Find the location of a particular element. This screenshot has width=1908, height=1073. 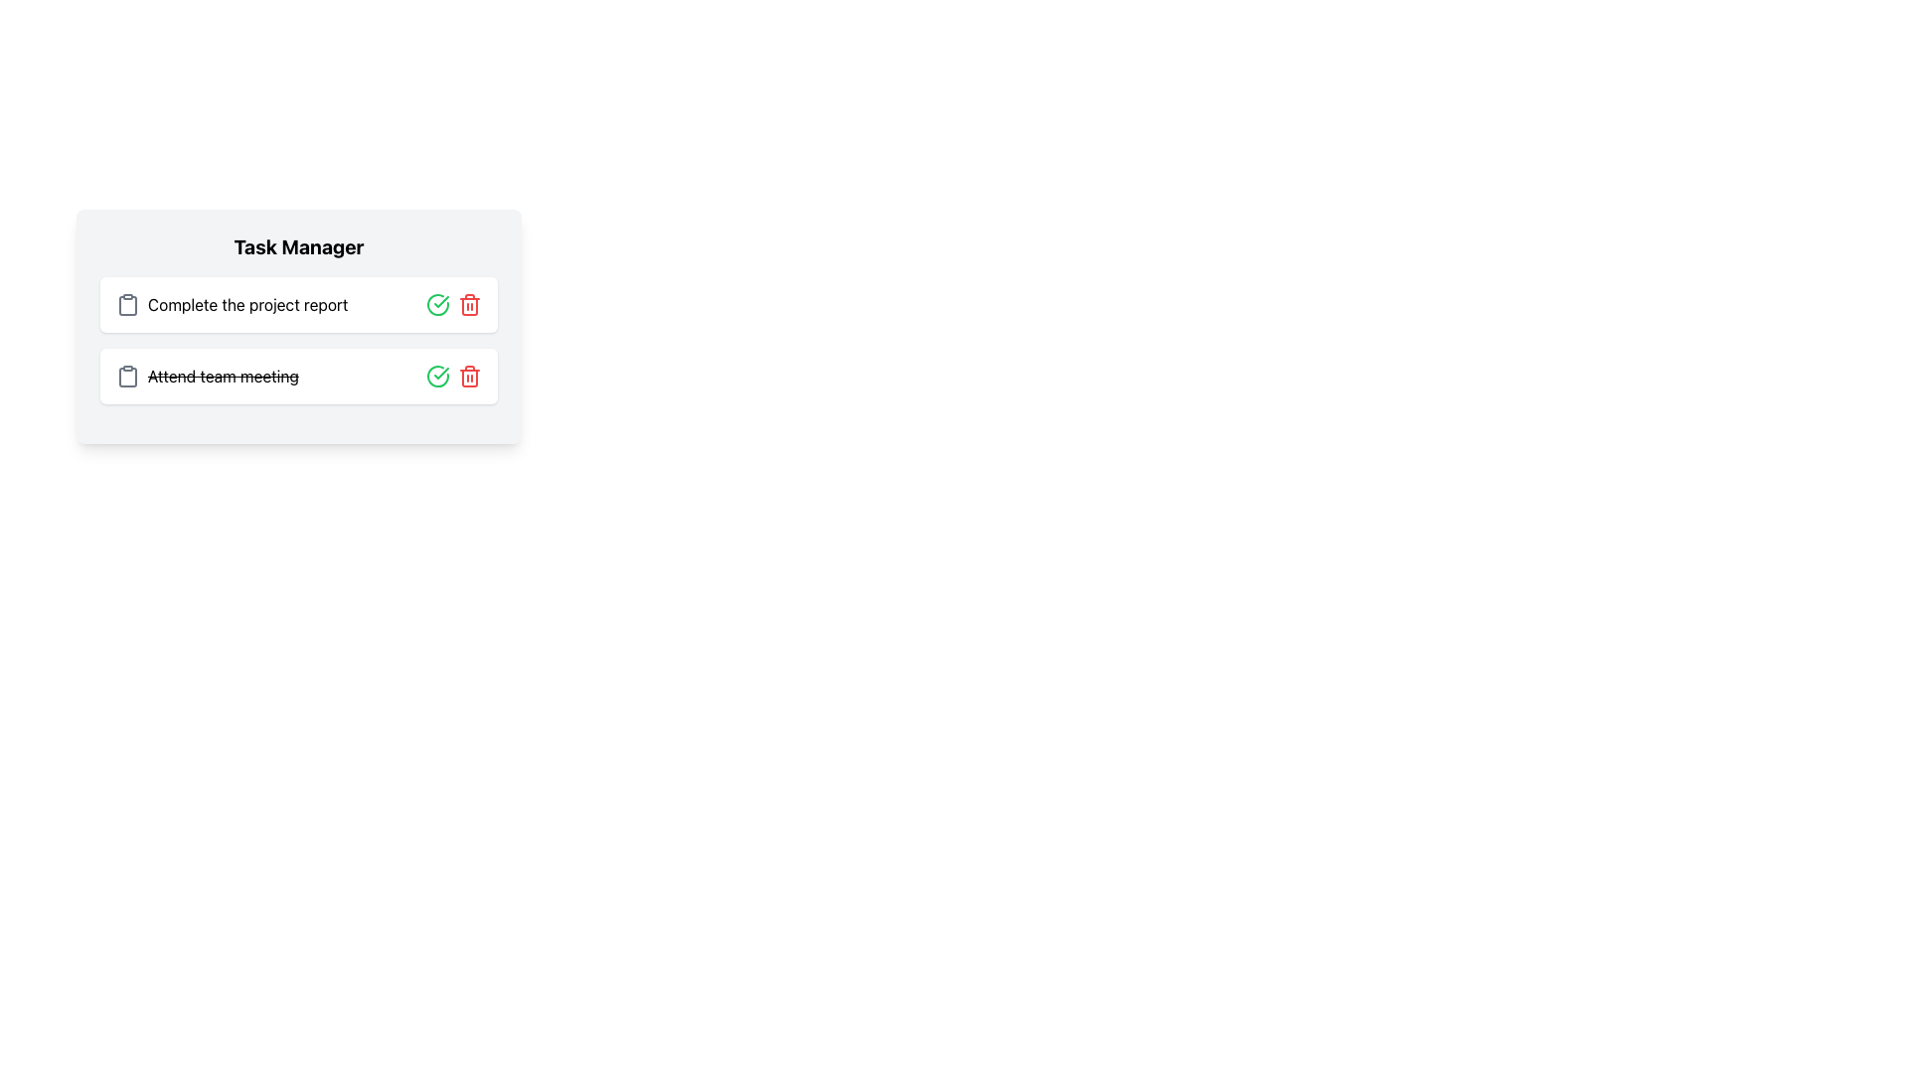

text content of the task labeled 'Attend team meeting' which is displayed with a line-through styling to indicate its completed state is located at coordinates (207, 376).